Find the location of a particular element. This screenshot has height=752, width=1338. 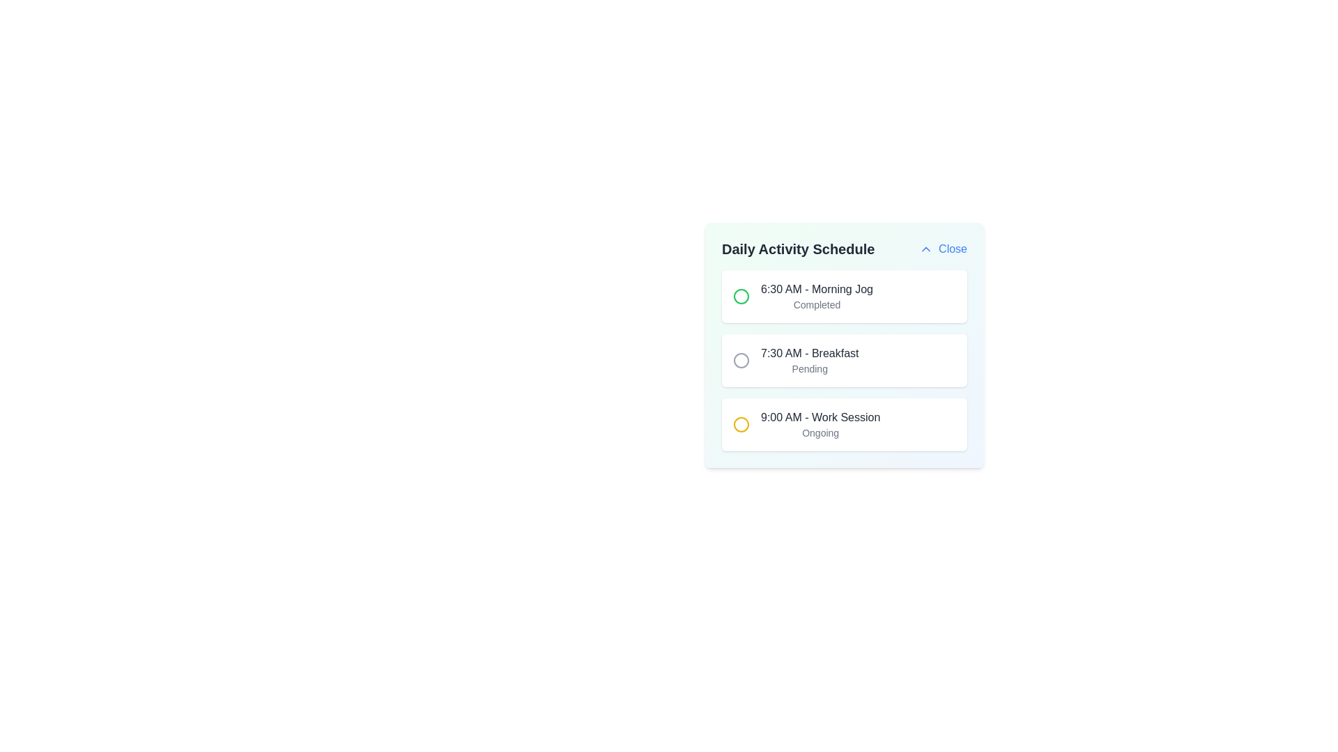

text label displaying '9:00 AM - Work Session' which is located in the third entry of the Daily Activity Schedule section, aligned horizontally near a yellow circular icon is located at coordinates (820, 417).